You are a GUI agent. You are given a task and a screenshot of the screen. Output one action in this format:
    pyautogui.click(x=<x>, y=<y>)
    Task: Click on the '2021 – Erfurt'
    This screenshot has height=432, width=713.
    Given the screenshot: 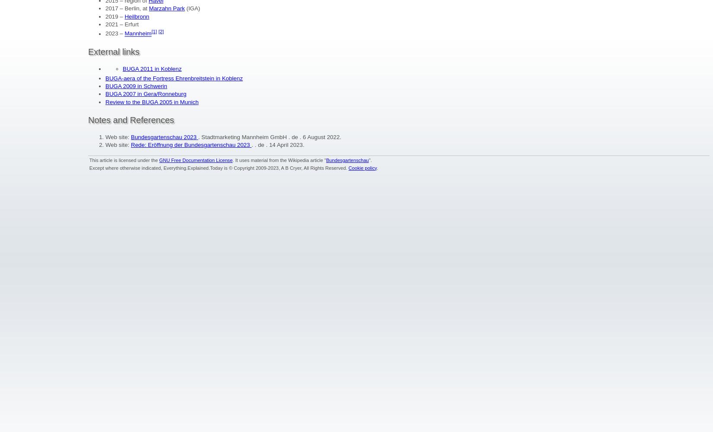 What is the action you would take?
    pyautogui.click(x=122, y=24)
    